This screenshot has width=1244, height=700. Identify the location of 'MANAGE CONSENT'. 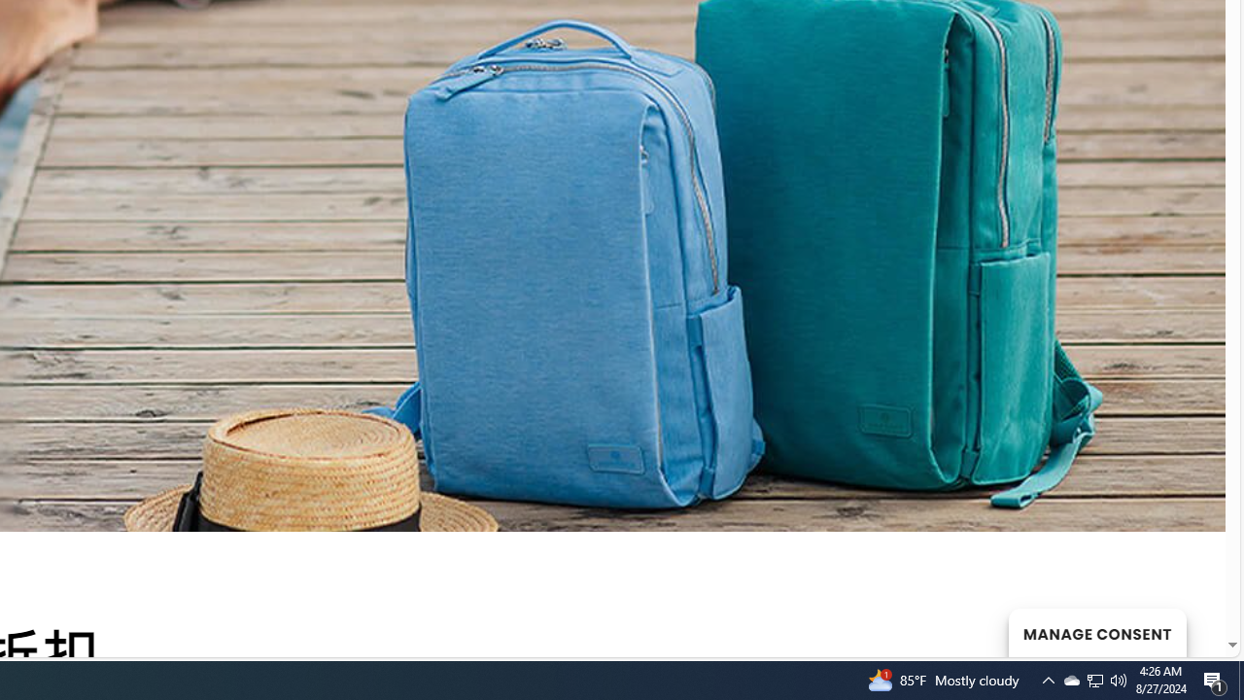
(1096, 632).